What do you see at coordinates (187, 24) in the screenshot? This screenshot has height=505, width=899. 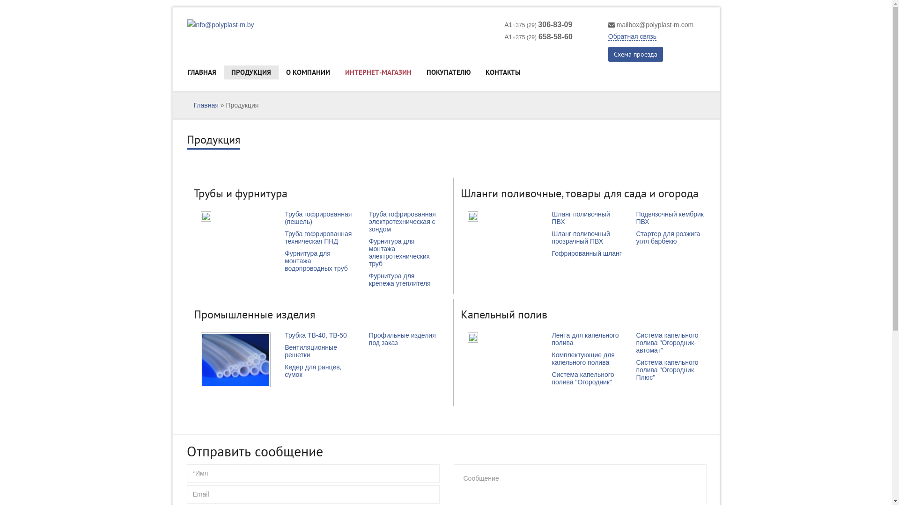 I see `'info@polyplast-m.by'` at bounding box center [187, 24].